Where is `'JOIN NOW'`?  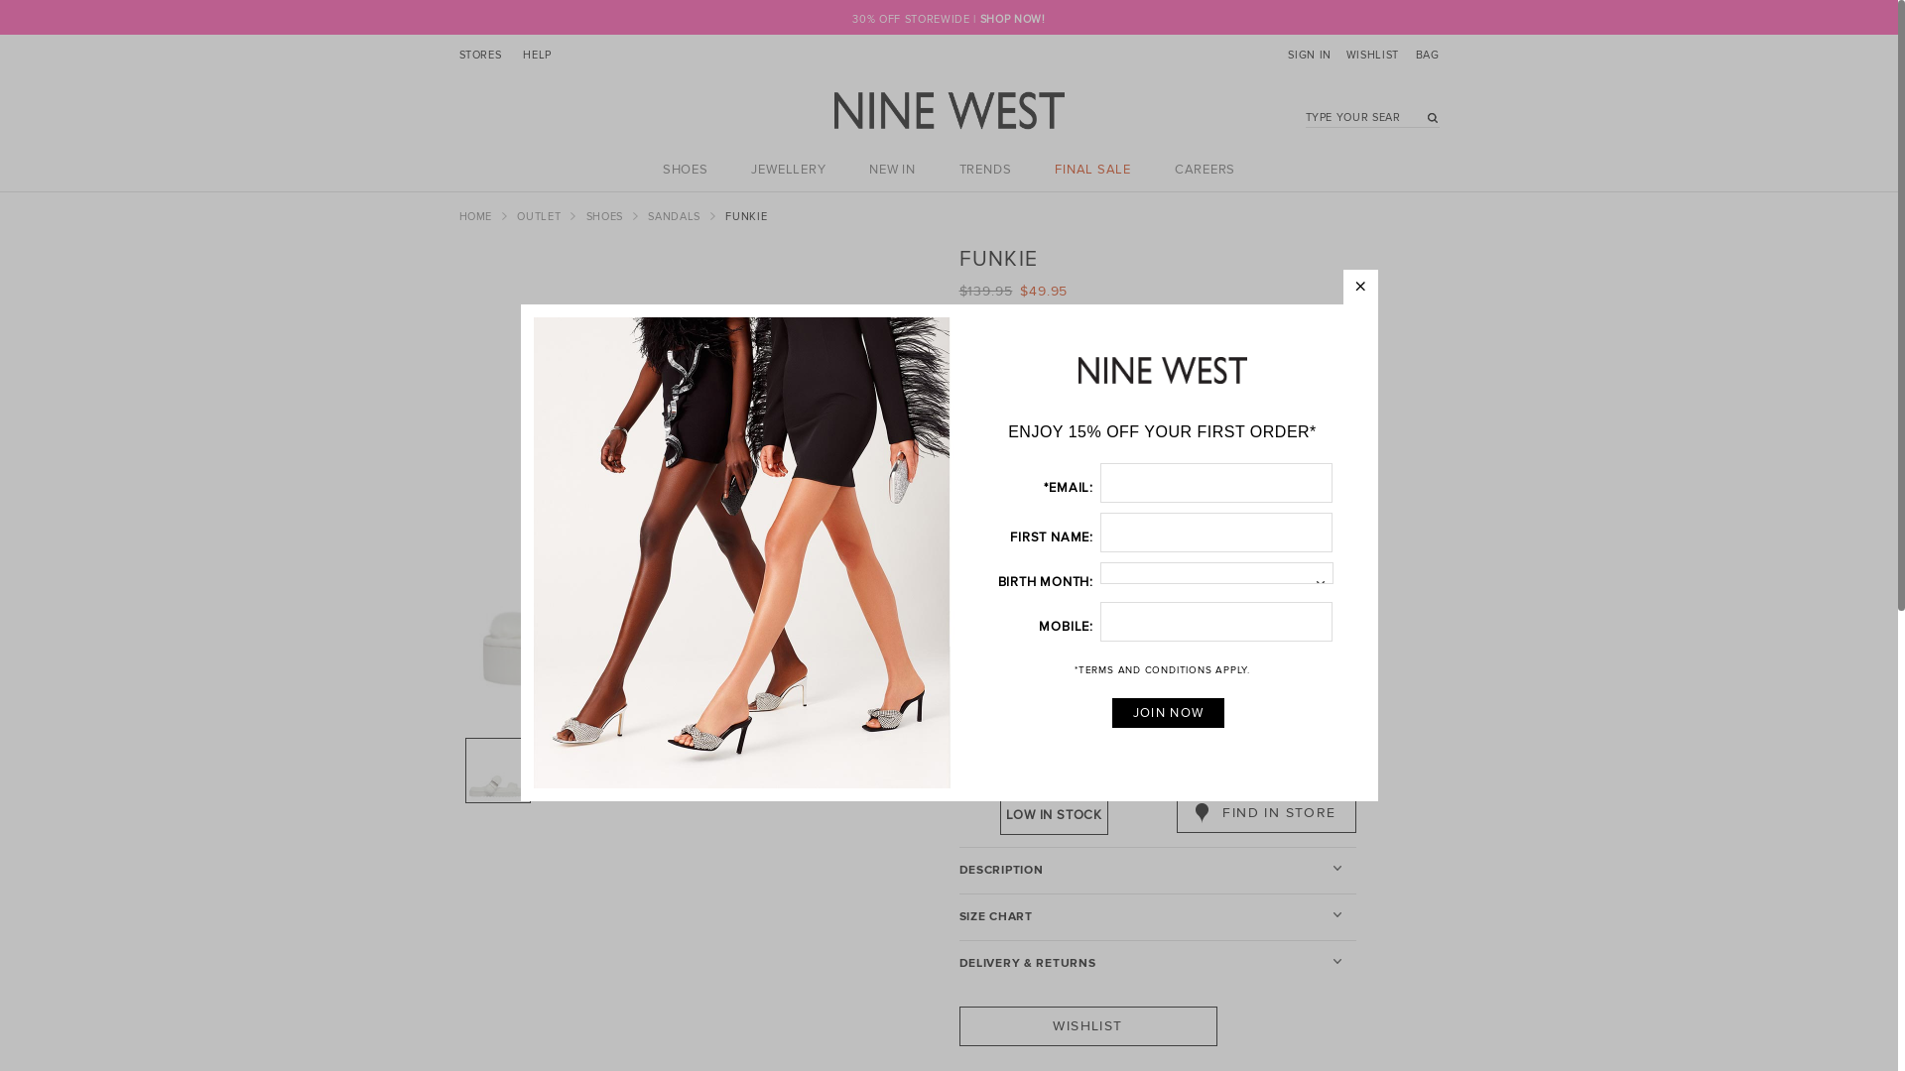 'JOIN NOW' is located at coordinates (1168, 711).